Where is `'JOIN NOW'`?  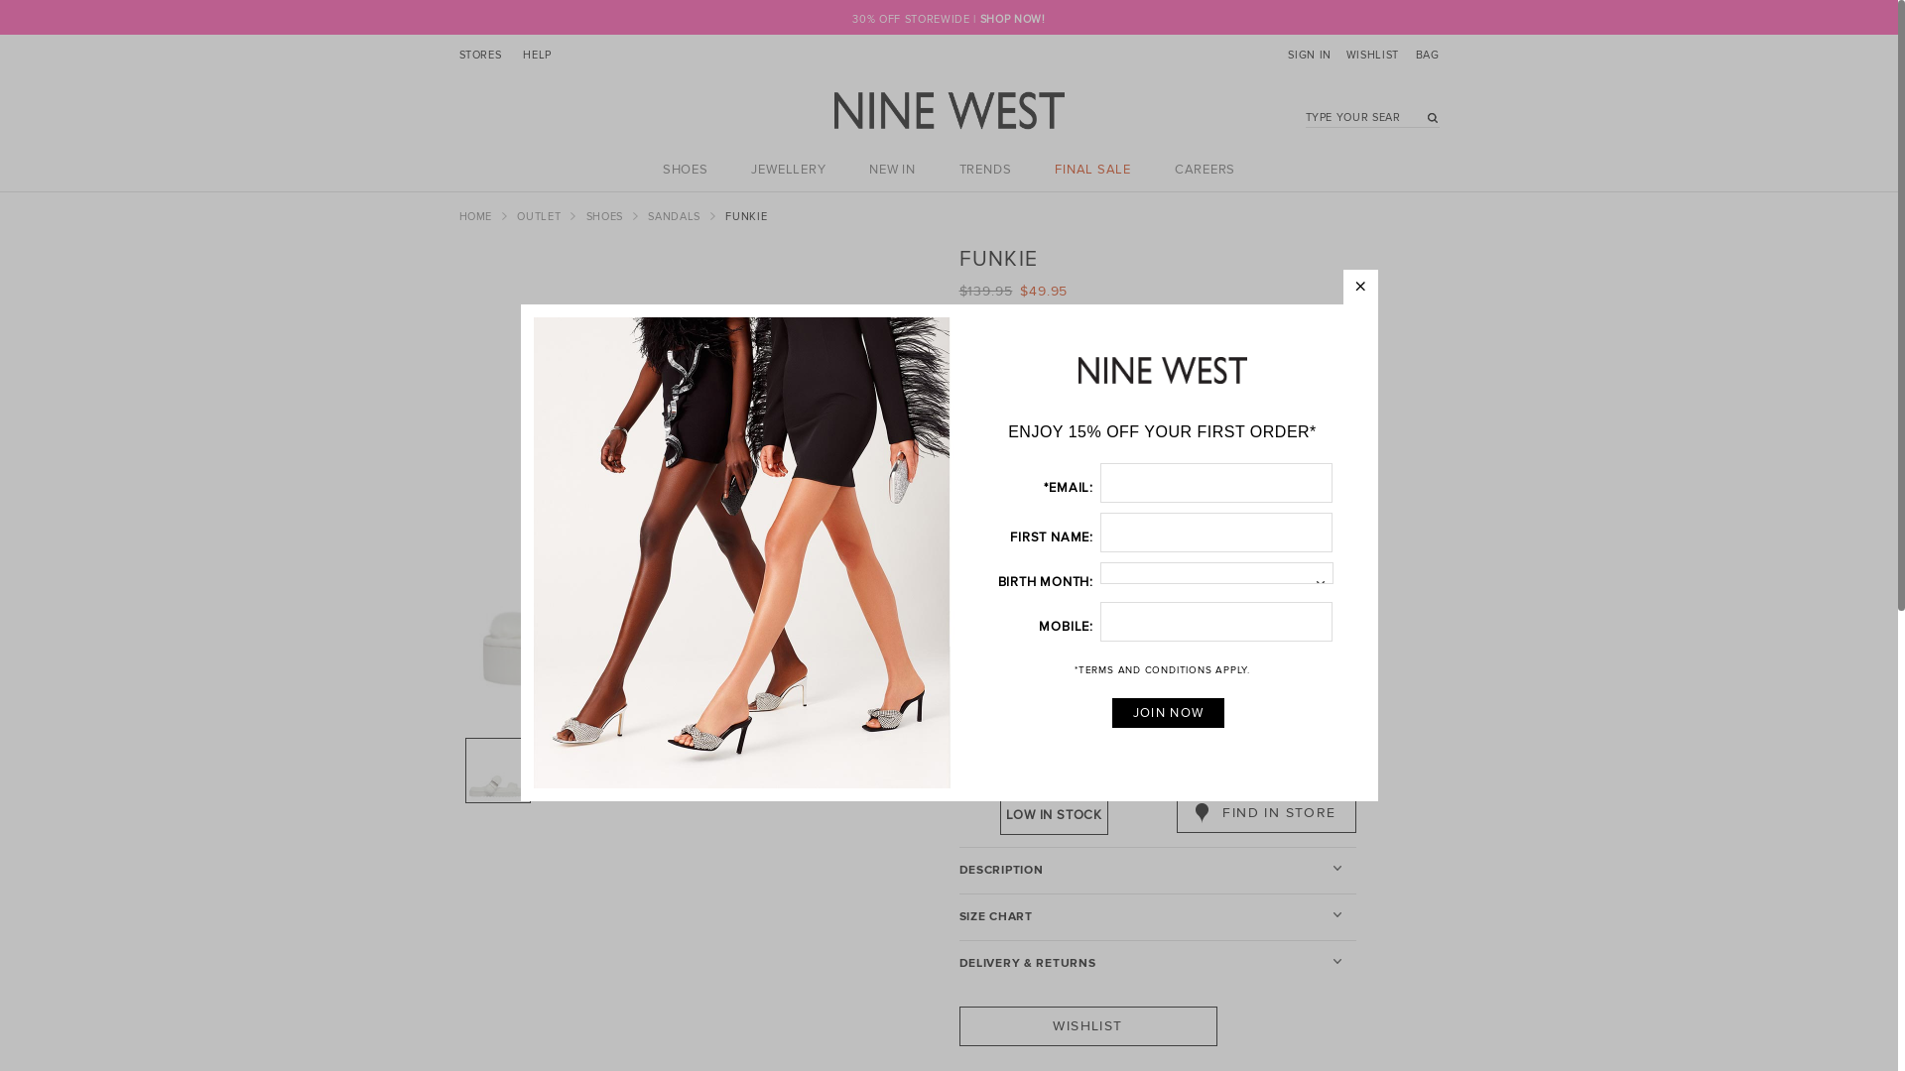 'JOIN NOW' is located at coordinates (1168, 711).